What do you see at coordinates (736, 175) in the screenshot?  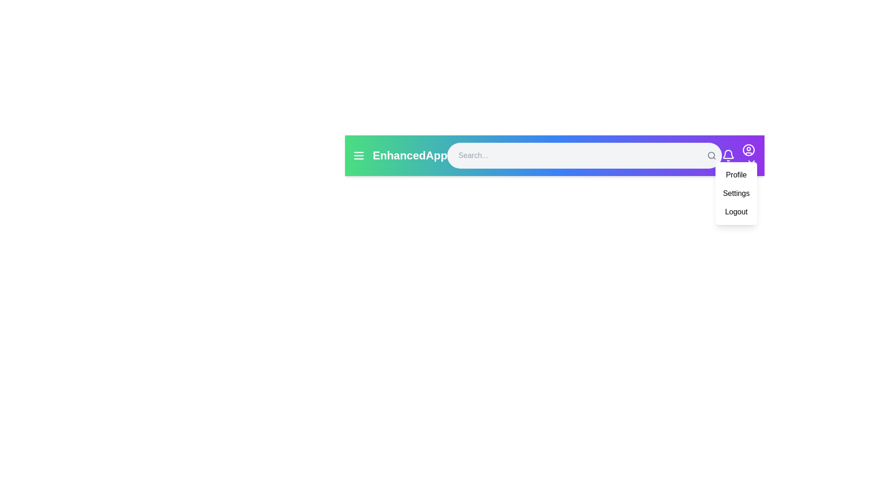 I see `the Profile option from the user menu` at bounding box center [736, 175].